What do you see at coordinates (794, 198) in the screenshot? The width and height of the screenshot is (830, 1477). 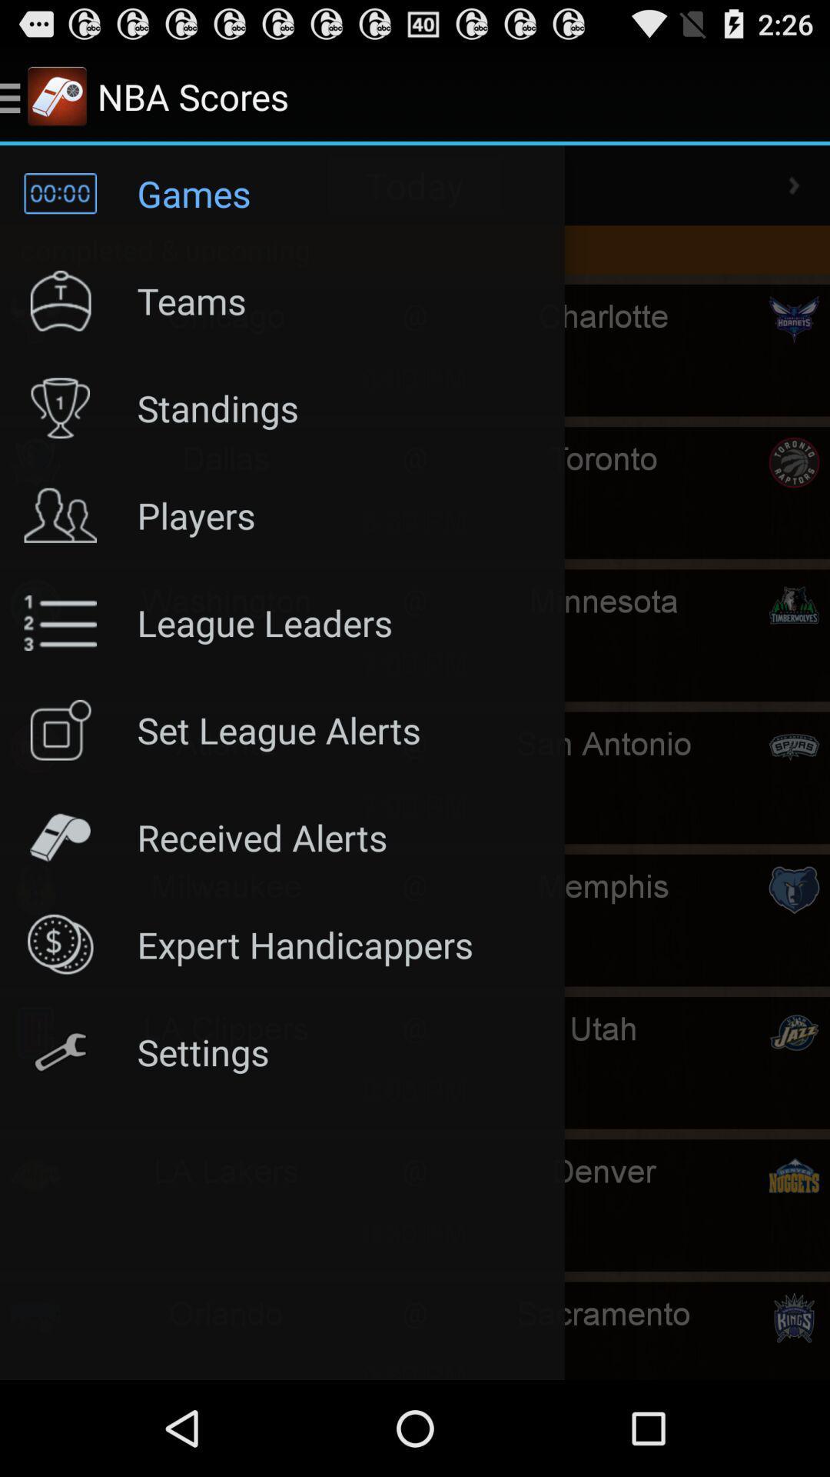 I see `the arrow_forward icon` at bounding box center [794, 198].